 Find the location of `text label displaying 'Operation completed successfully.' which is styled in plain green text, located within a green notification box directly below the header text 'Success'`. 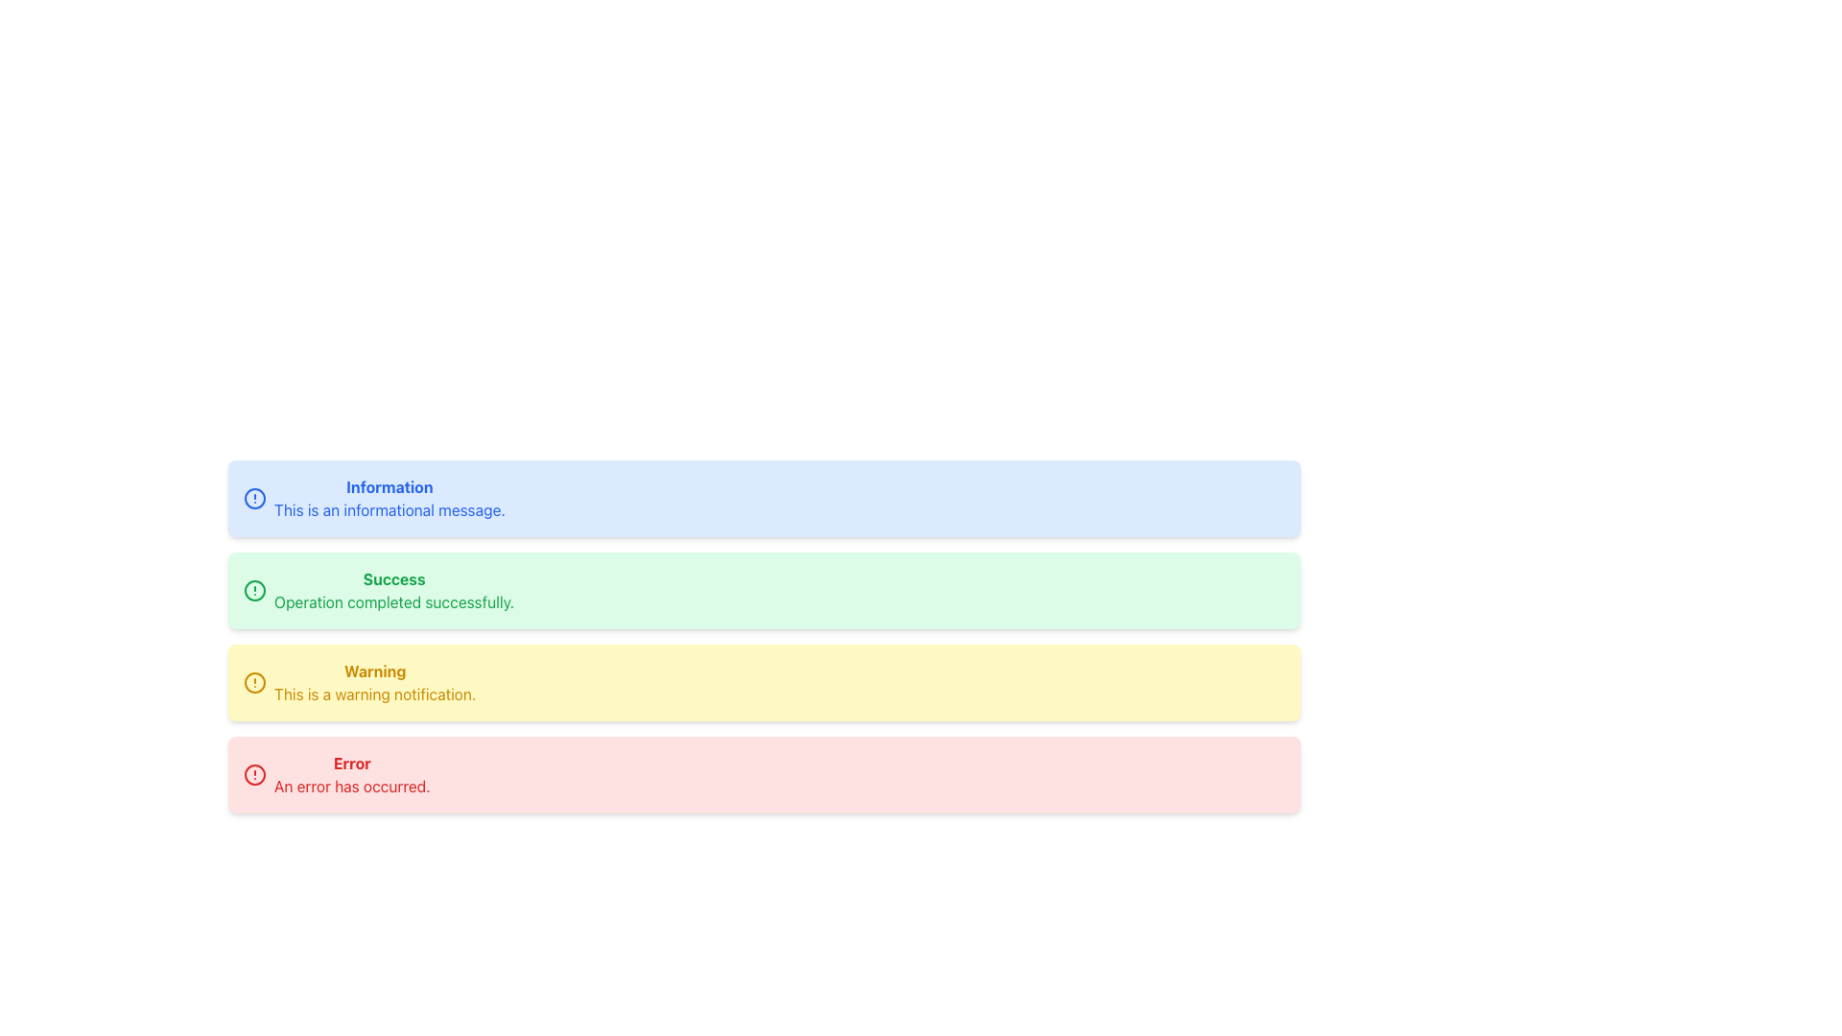

text label displaying 'Operation completed successfully.' which is styled in plain green text, located within a green notification box directly below the header text 'Success' is located at coordinates (393, 601).